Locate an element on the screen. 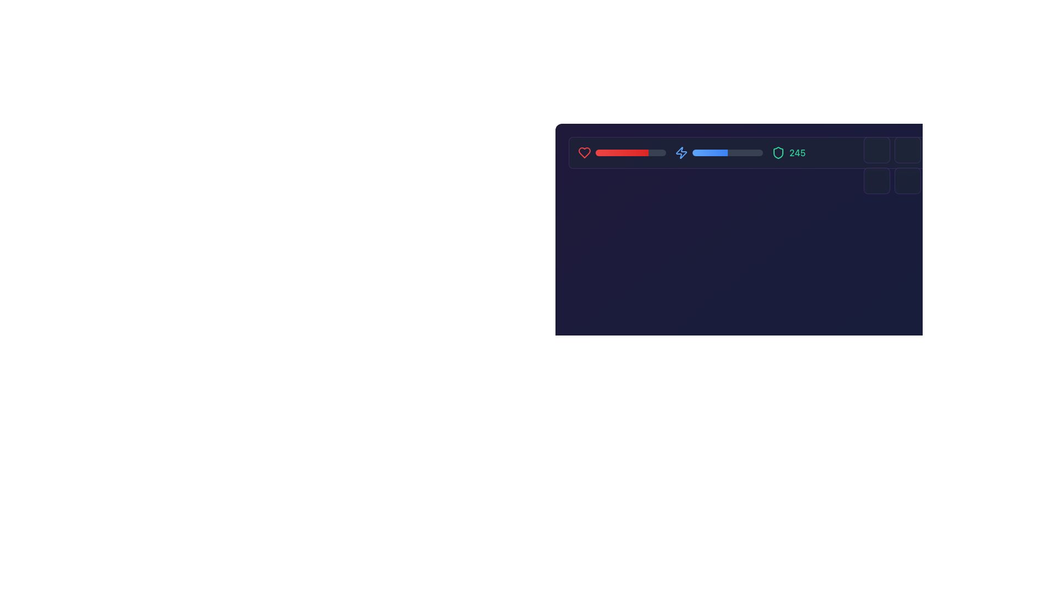 This screenshot has height=594, width=1057. displayed number '245' from the text label element, which is vibrant emerald green and positioned to the right of an emerald green shield icon is located at coordinates (797, 152).